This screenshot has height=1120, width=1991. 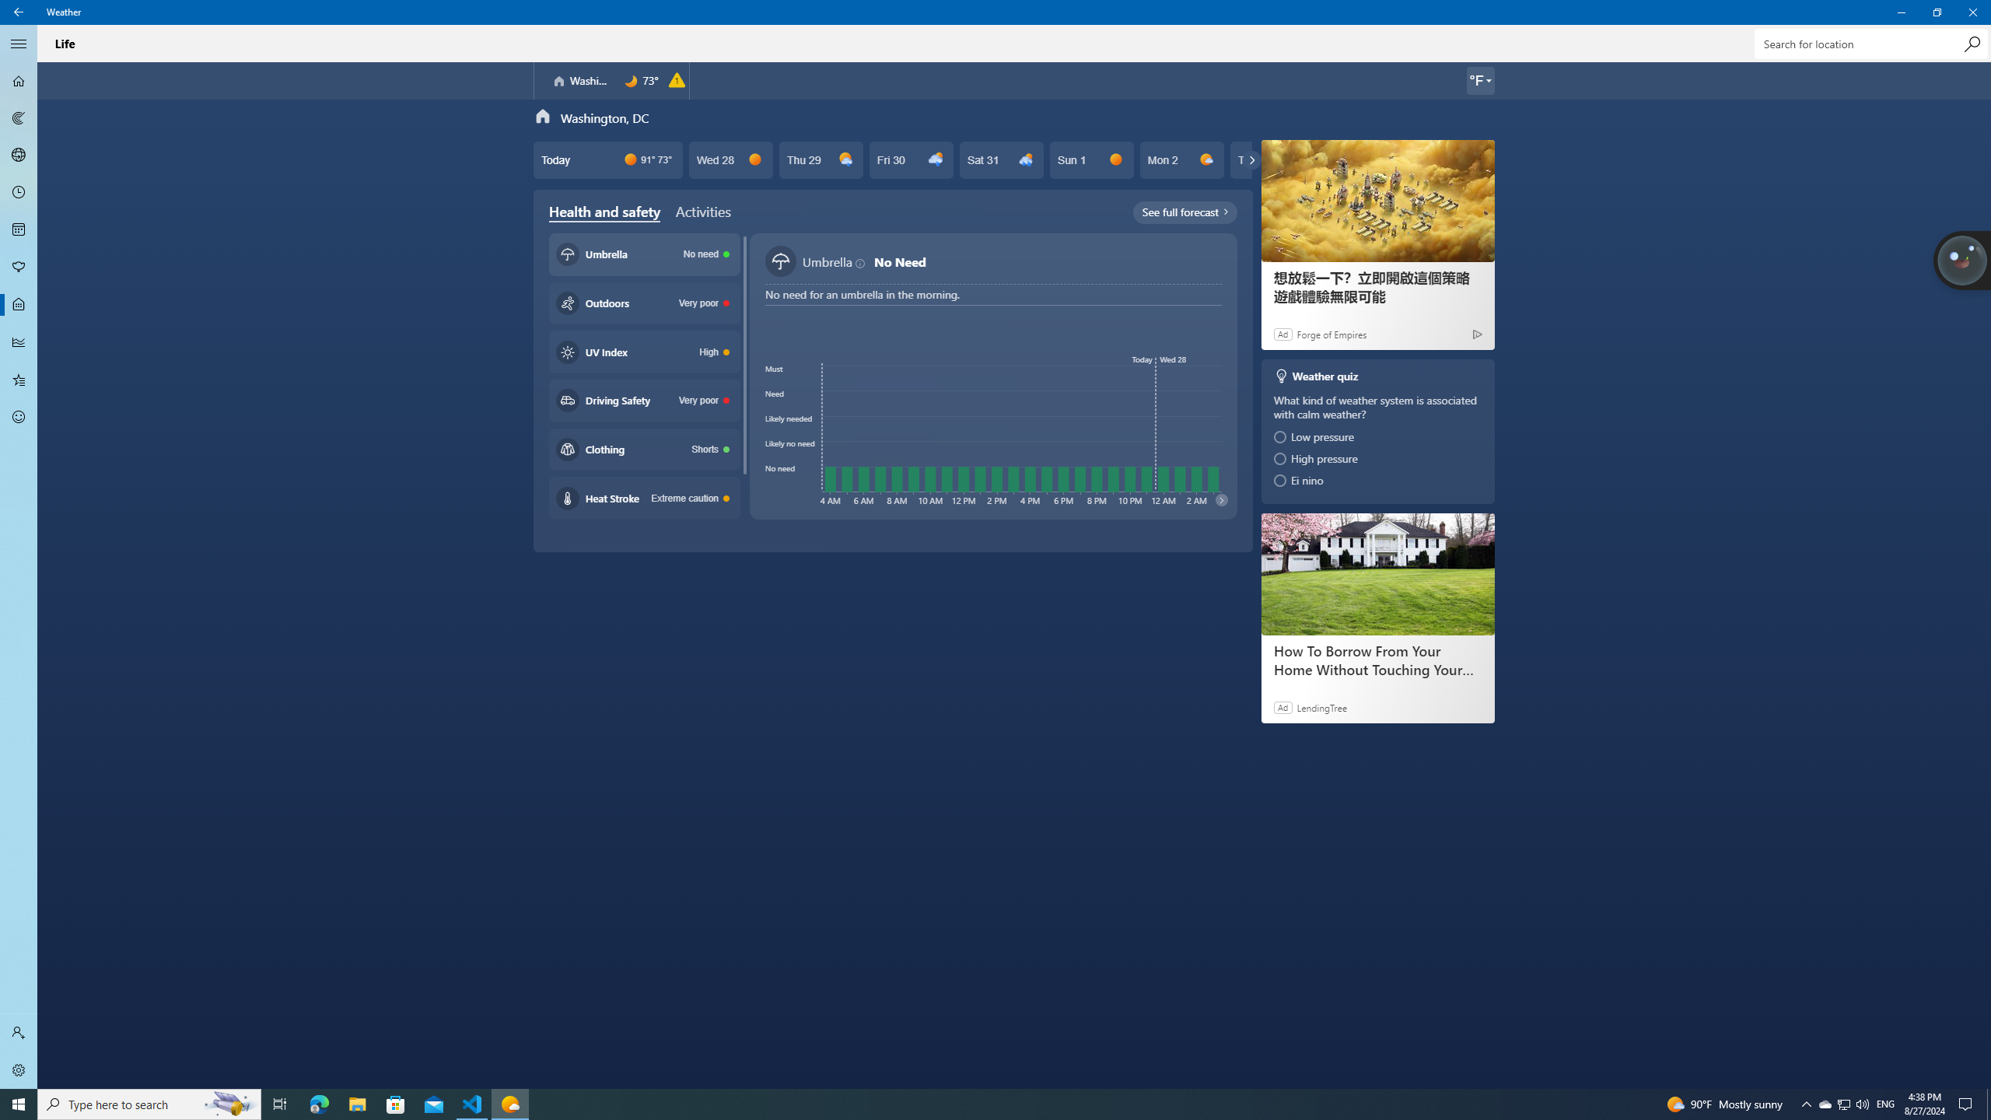 I want to click on 'Settings', so click(x=19, y=1069).